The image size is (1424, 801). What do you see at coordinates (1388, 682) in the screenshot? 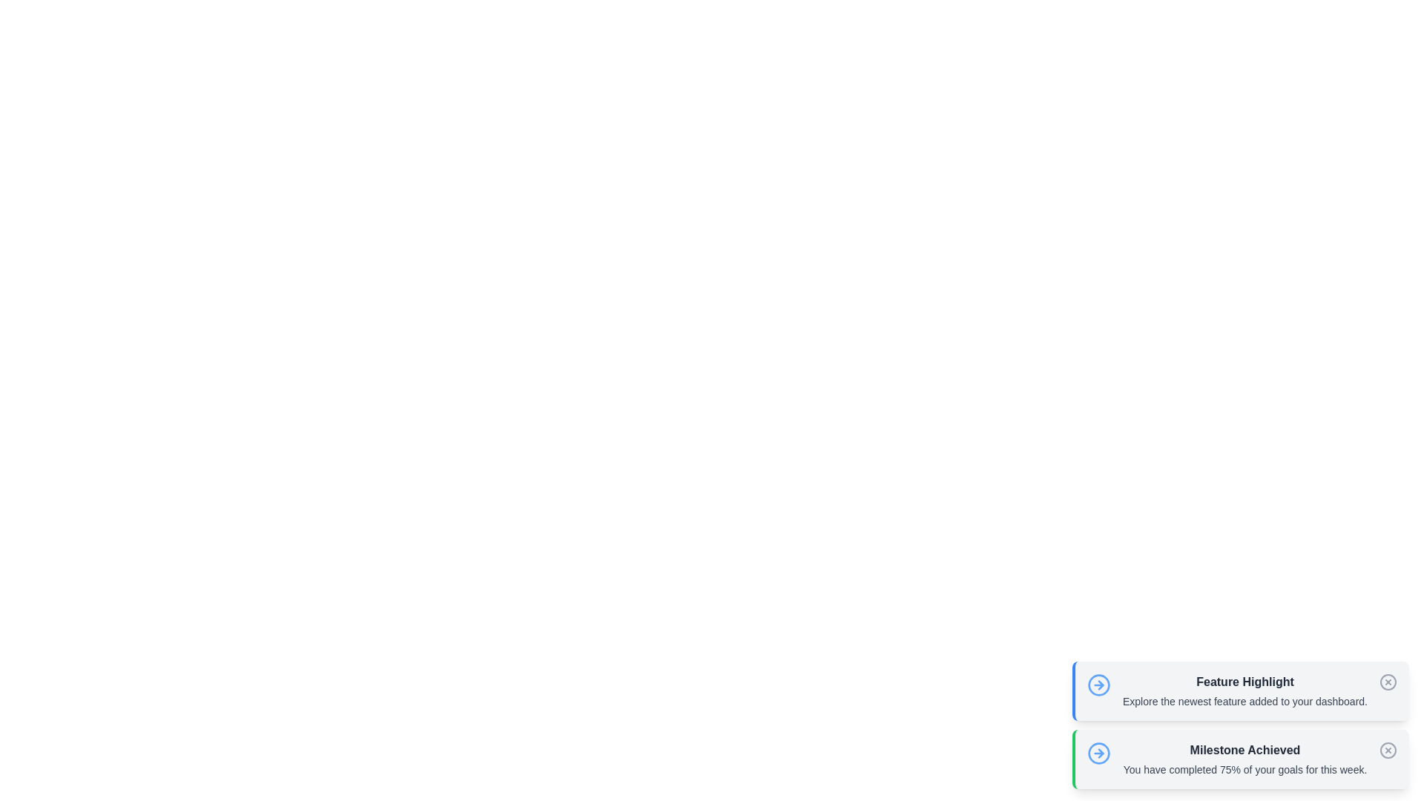
I see `the close button of the notification to dismiss it` at bounding box center [1388, 682].